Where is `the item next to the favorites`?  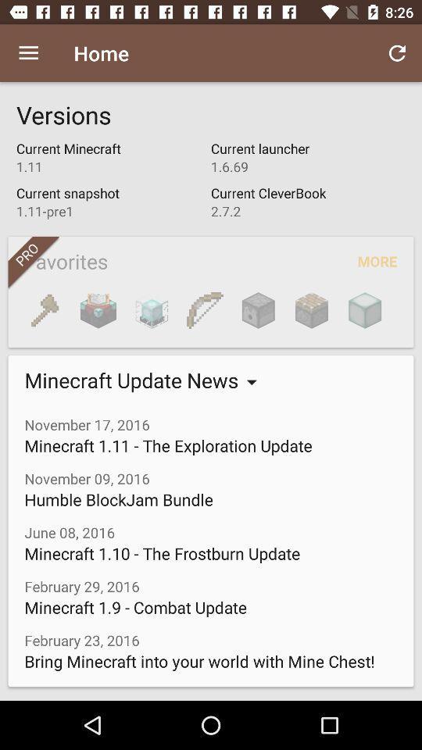 the item next to the favorites is located at coordinates (365, 309).